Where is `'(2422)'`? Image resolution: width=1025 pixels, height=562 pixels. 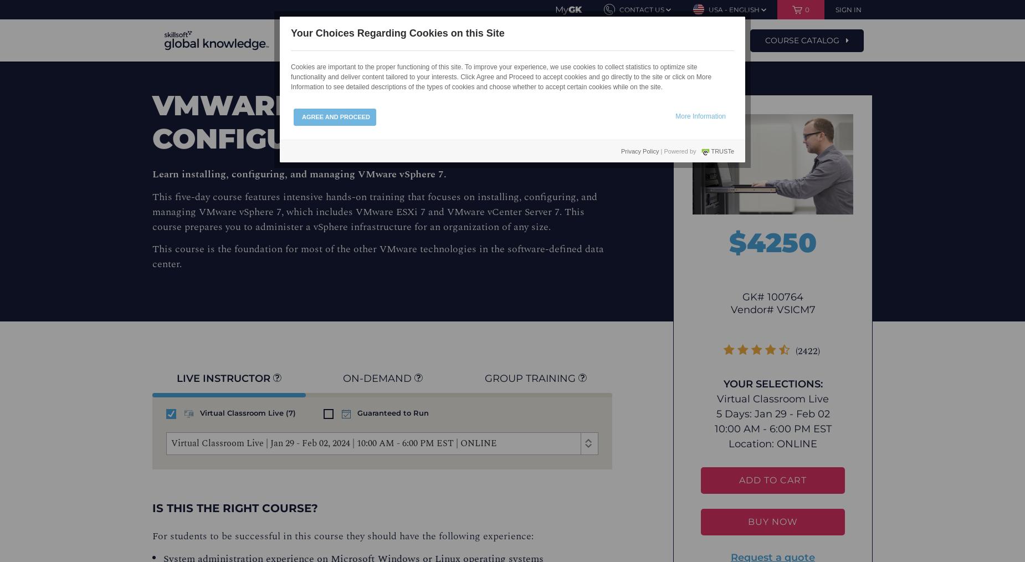 '(2422)' is located at coordinates (807, 351).